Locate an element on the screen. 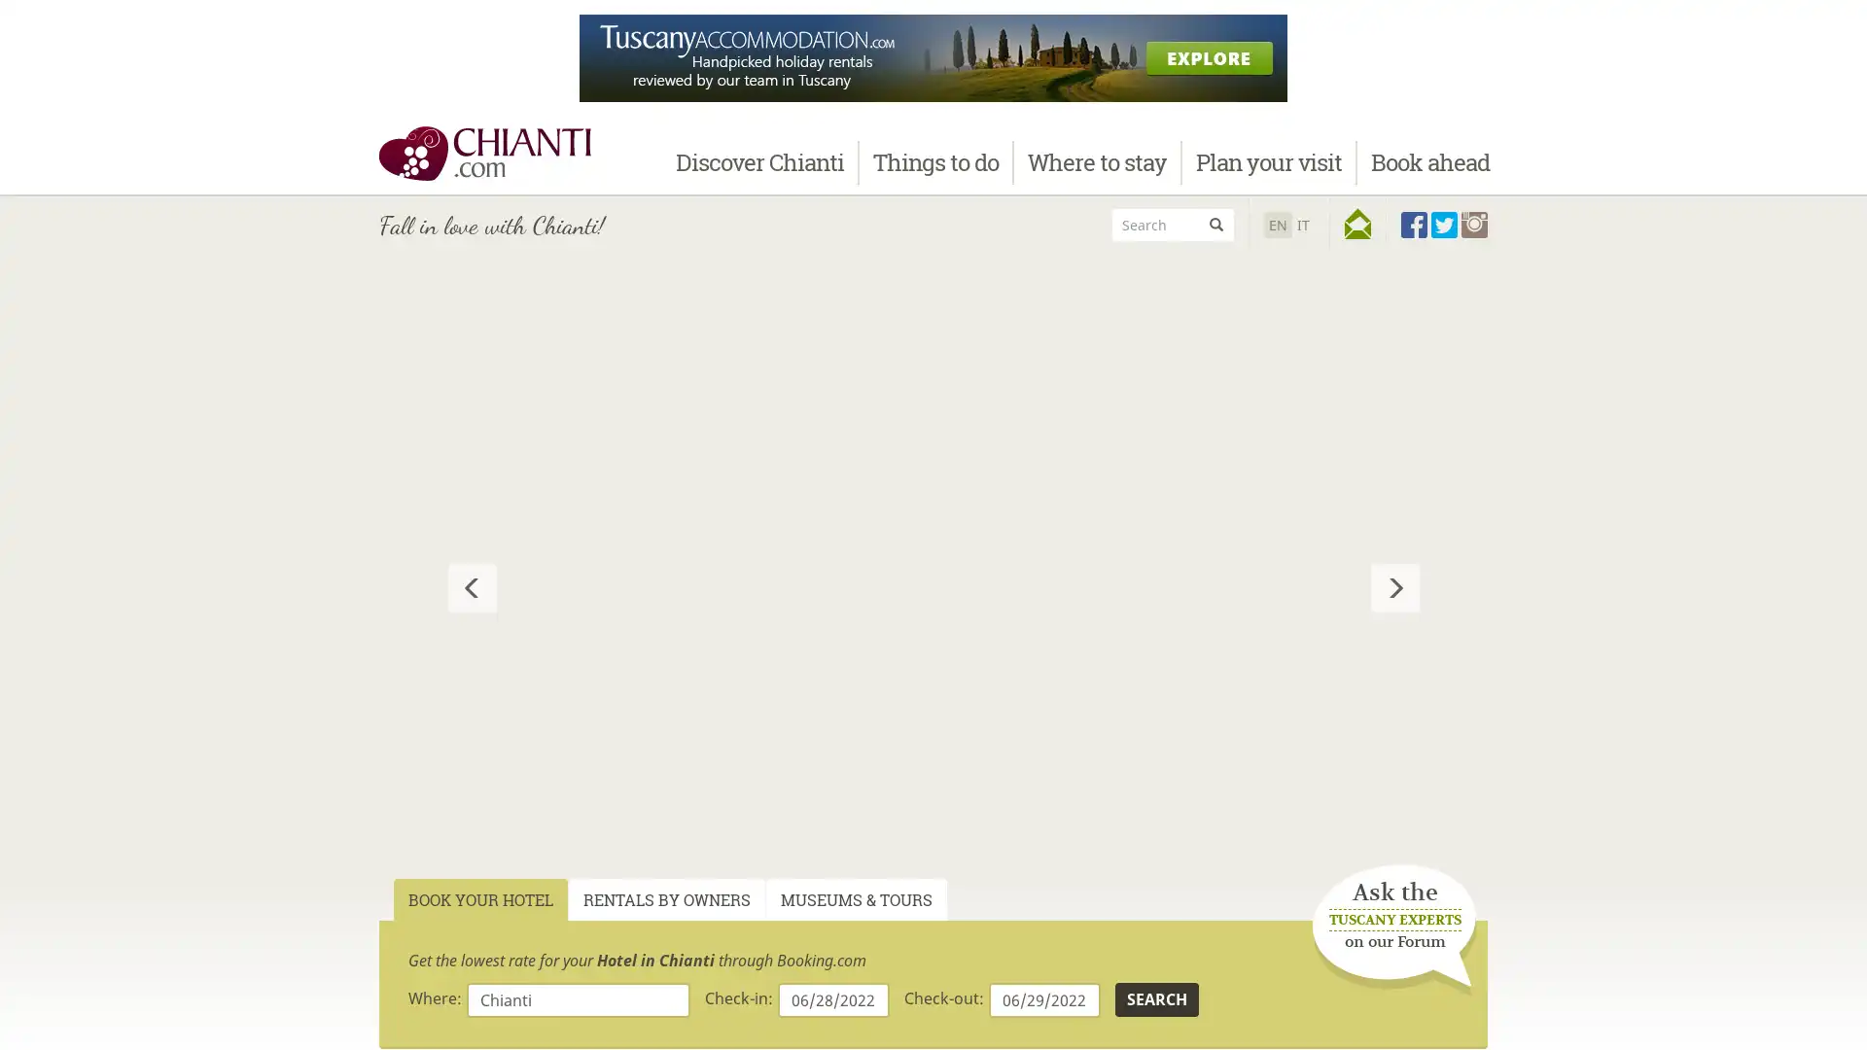  Where to stay is located at coordinates (1097, 161).